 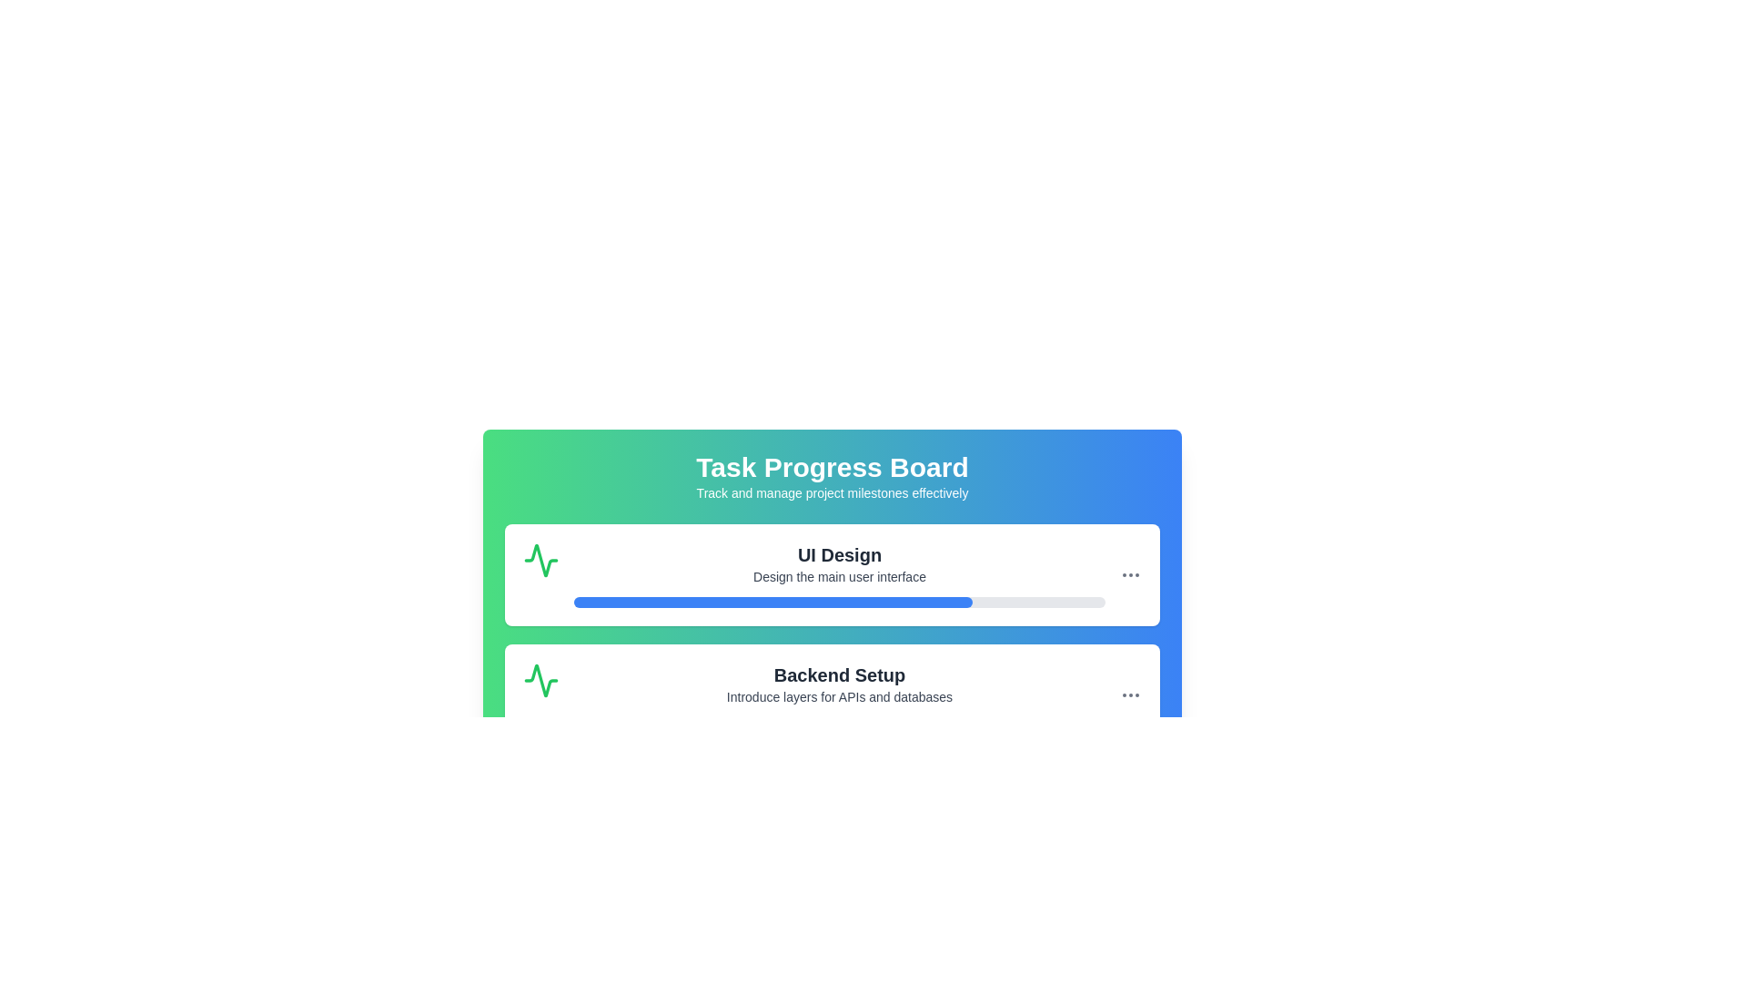 What do you see at coordinates (1130, 575) in the screenshot?
I see `the button consisting of three horizontally aligned gray dots located in the top-right corner of the 'UI Design' task box` at bounding box center [1130, 575].